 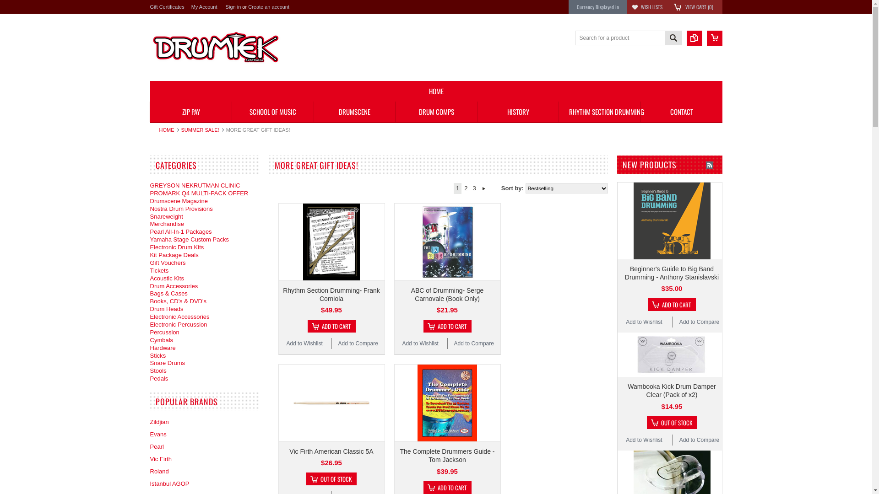 I want to click on 'Books, CD's & DVD's', so click(x=178, y=301).